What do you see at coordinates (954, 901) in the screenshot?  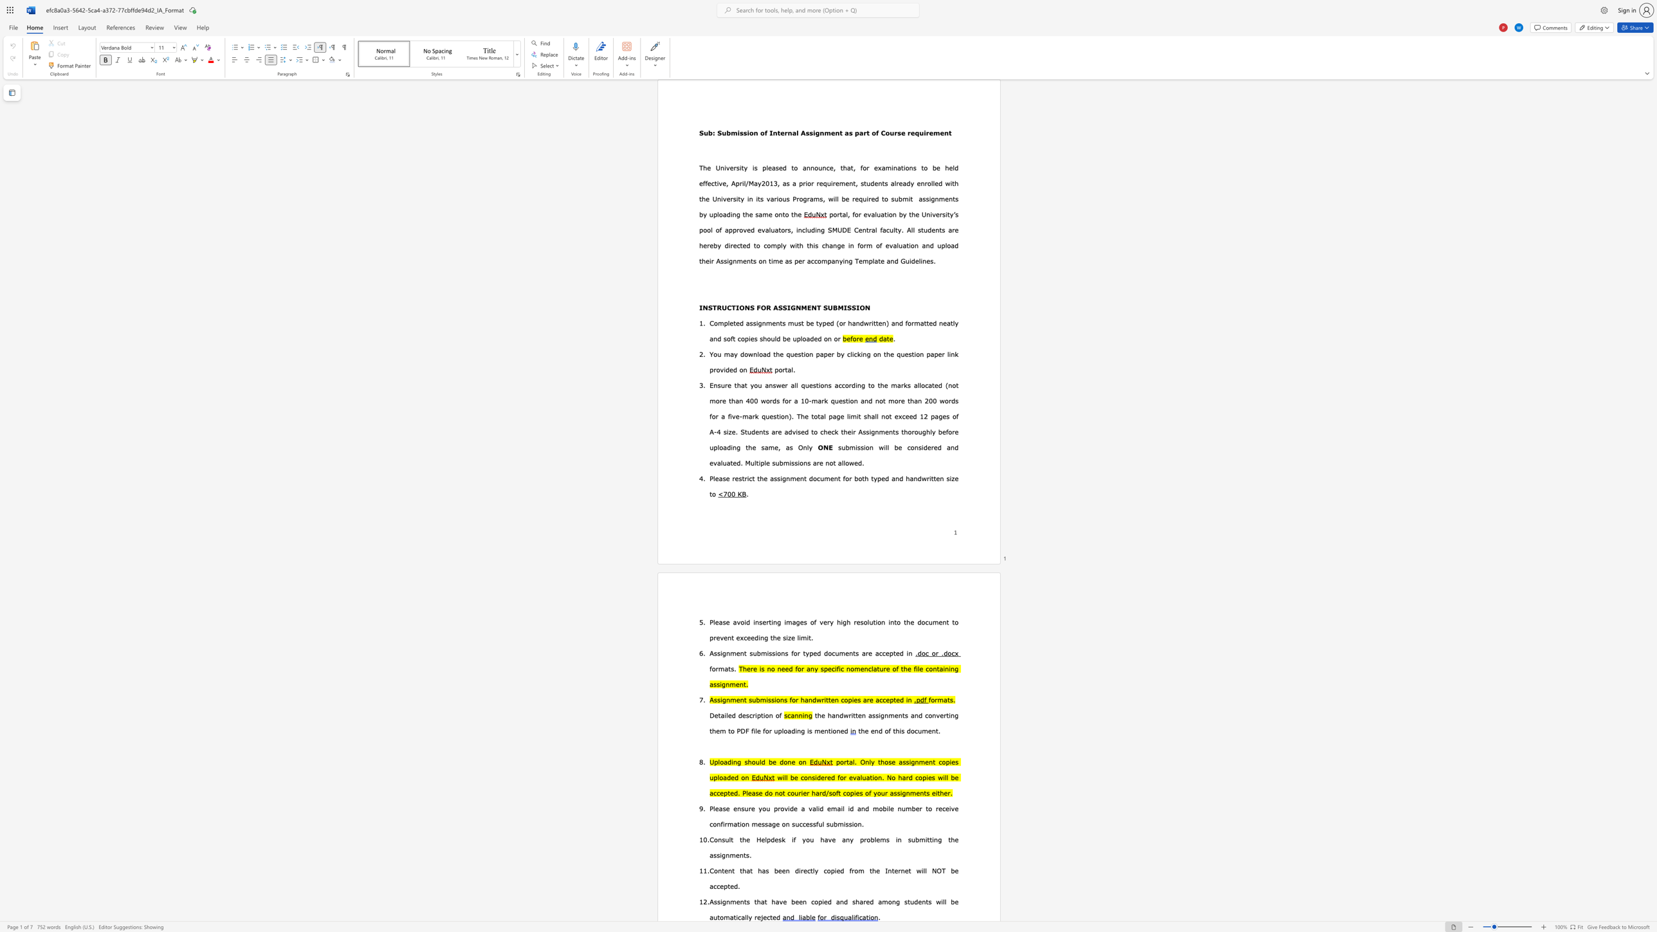 I see `the subset text "e au" within the text "Assignments that have been copied and shared among students will be automatically rejected"` at bounding box center [954, 901].